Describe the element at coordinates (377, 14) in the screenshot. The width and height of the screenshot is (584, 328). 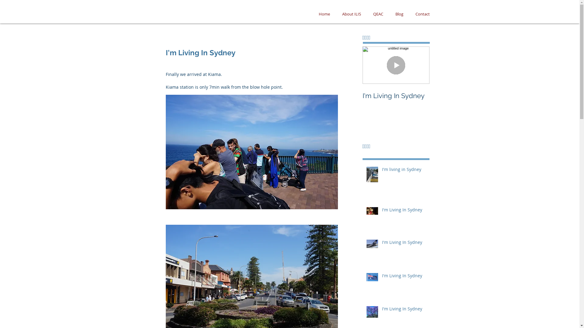
I see `'QEAC'` at that location.